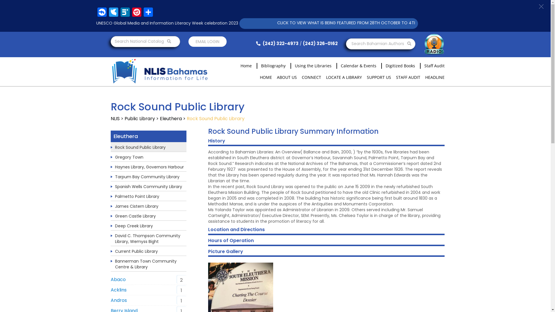  I want to click on '(242) 326-0162', so click(320, 43).